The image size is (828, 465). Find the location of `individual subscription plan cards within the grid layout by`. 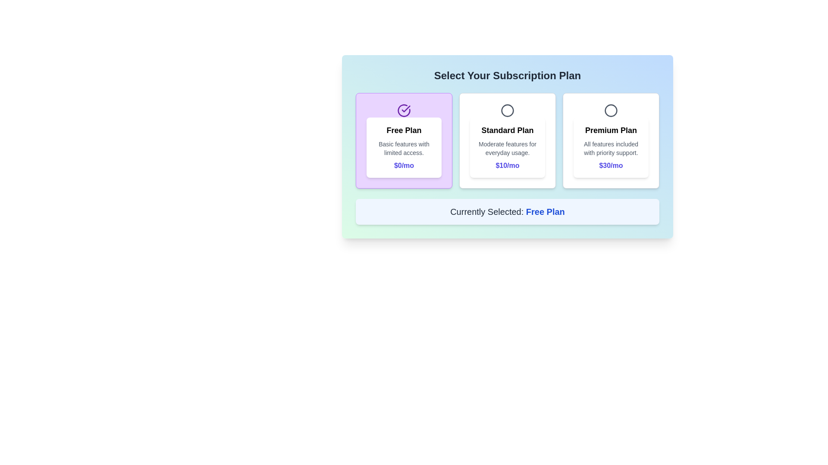

individual subscription plan cards within the grid layout by is located at coordinates (507, 140).